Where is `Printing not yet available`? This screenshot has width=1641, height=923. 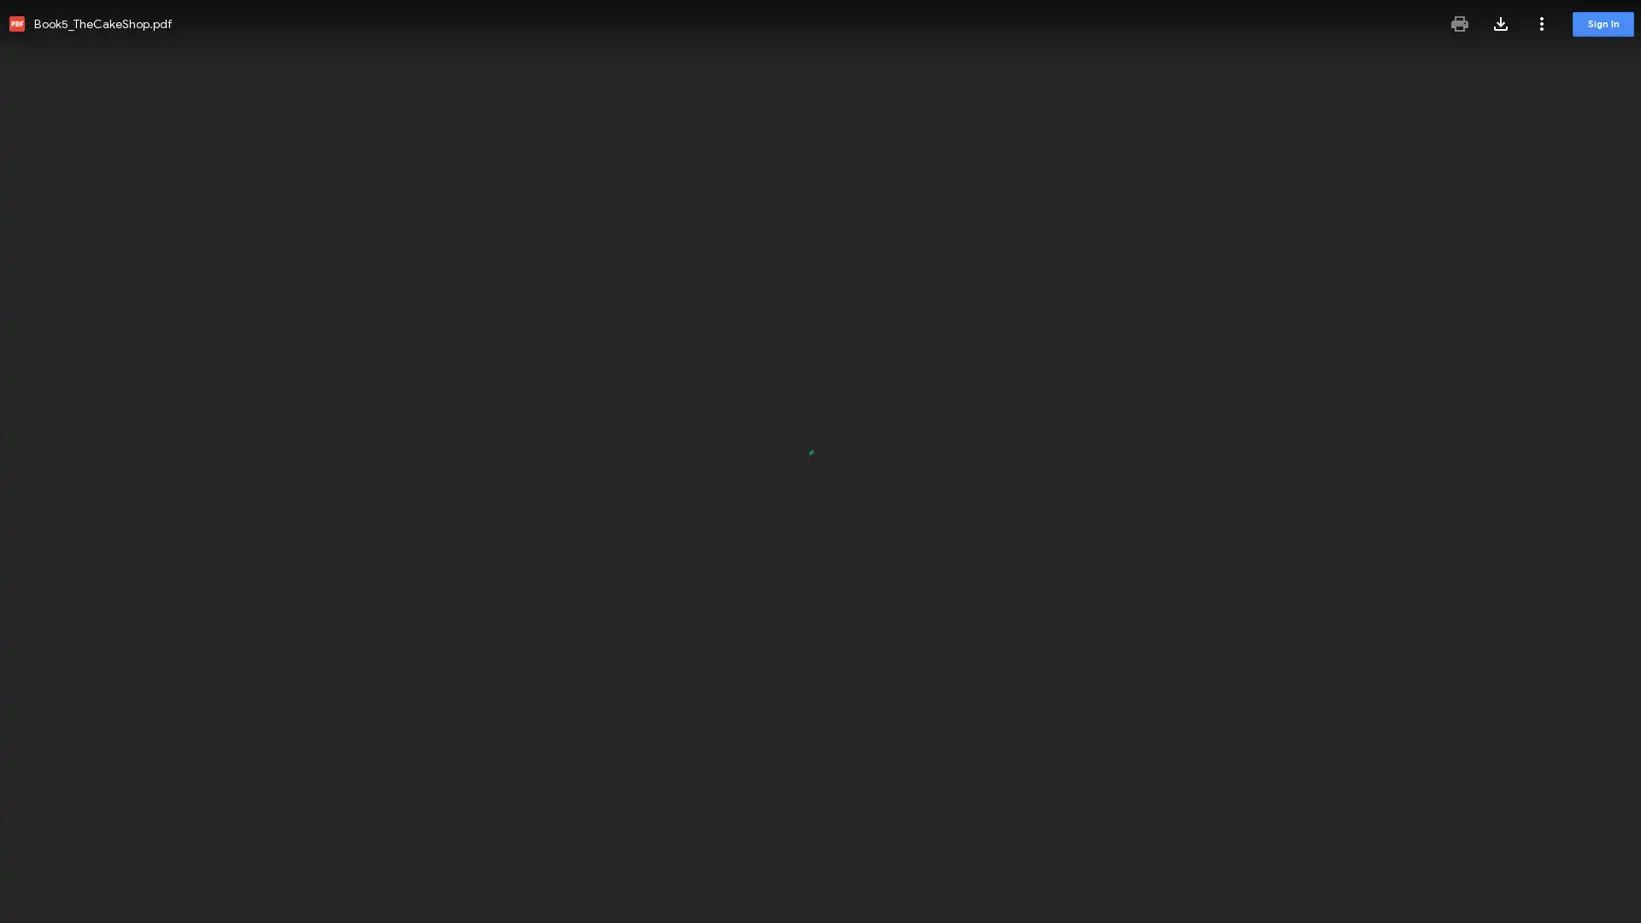 Printing not yet available is located at coordinates (1459, 23).